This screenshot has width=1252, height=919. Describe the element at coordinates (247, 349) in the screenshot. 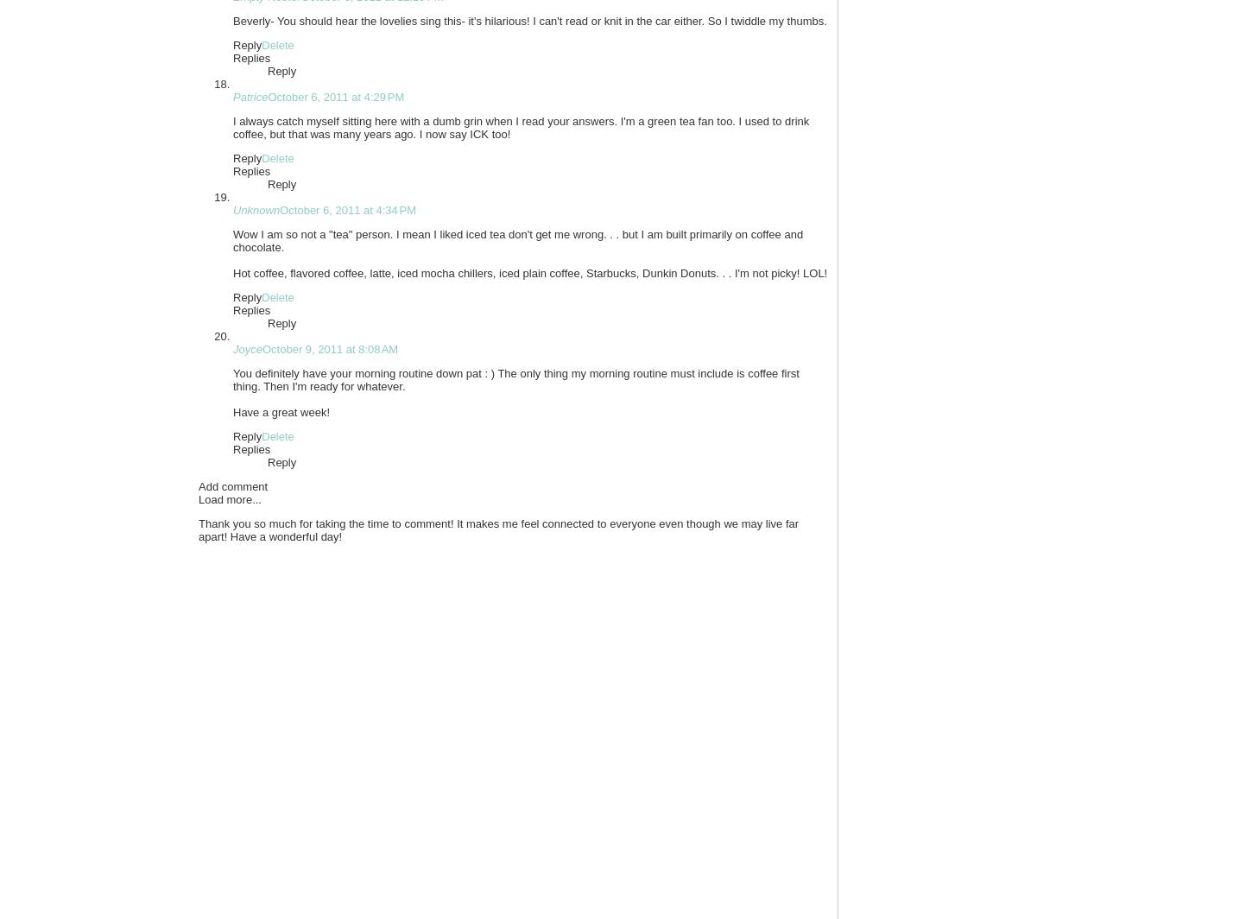

I see `'Joyce'` at that location.